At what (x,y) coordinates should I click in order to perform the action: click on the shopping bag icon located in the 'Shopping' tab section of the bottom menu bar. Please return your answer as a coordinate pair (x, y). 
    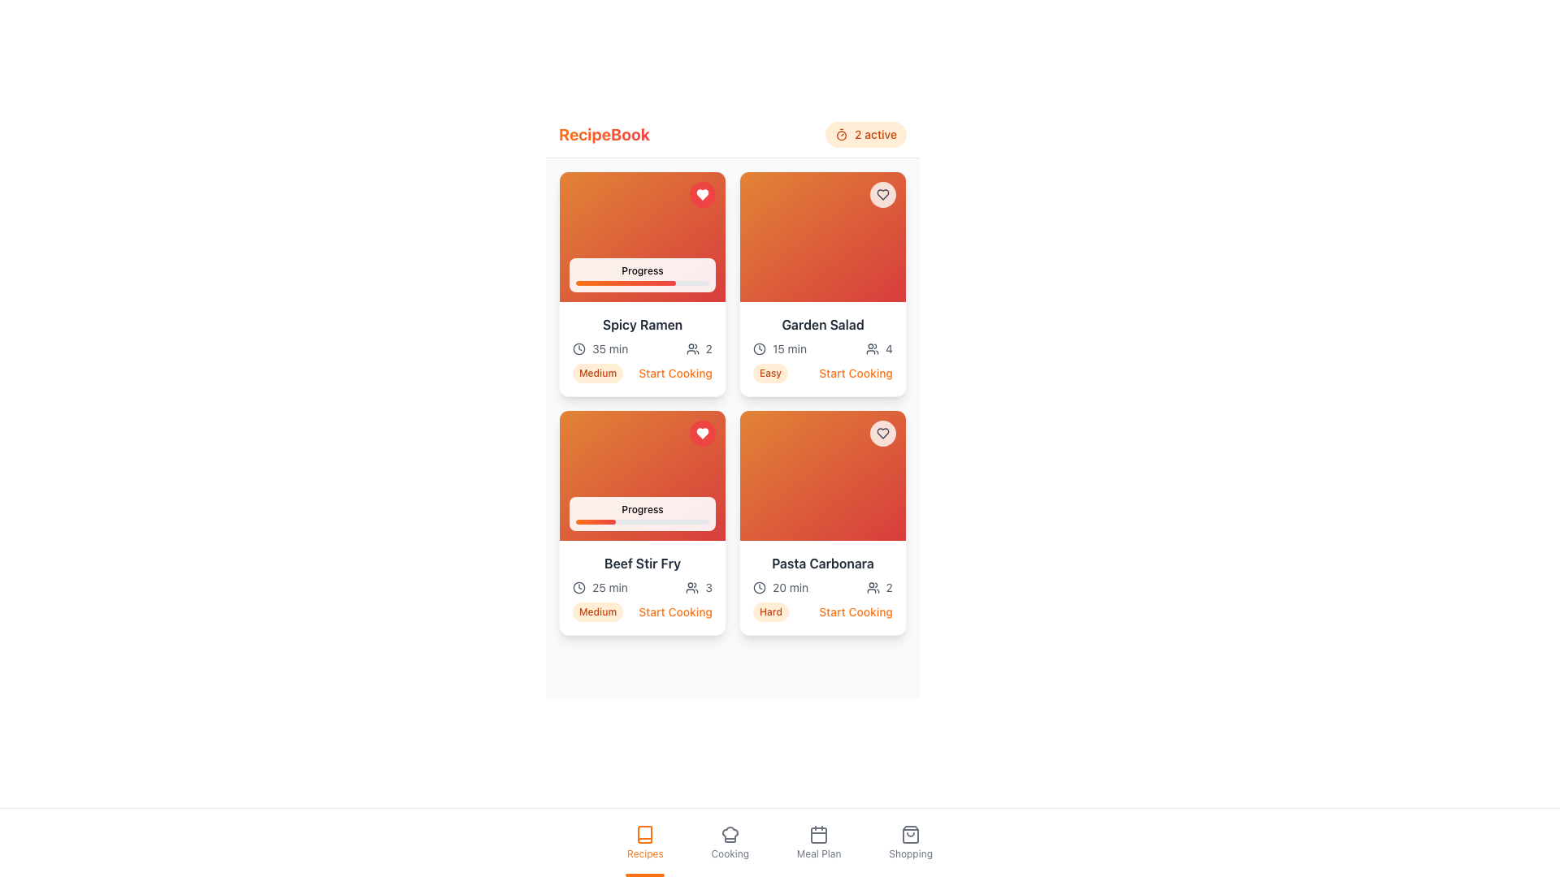
    Looking at the image, I should click on (911, 835).